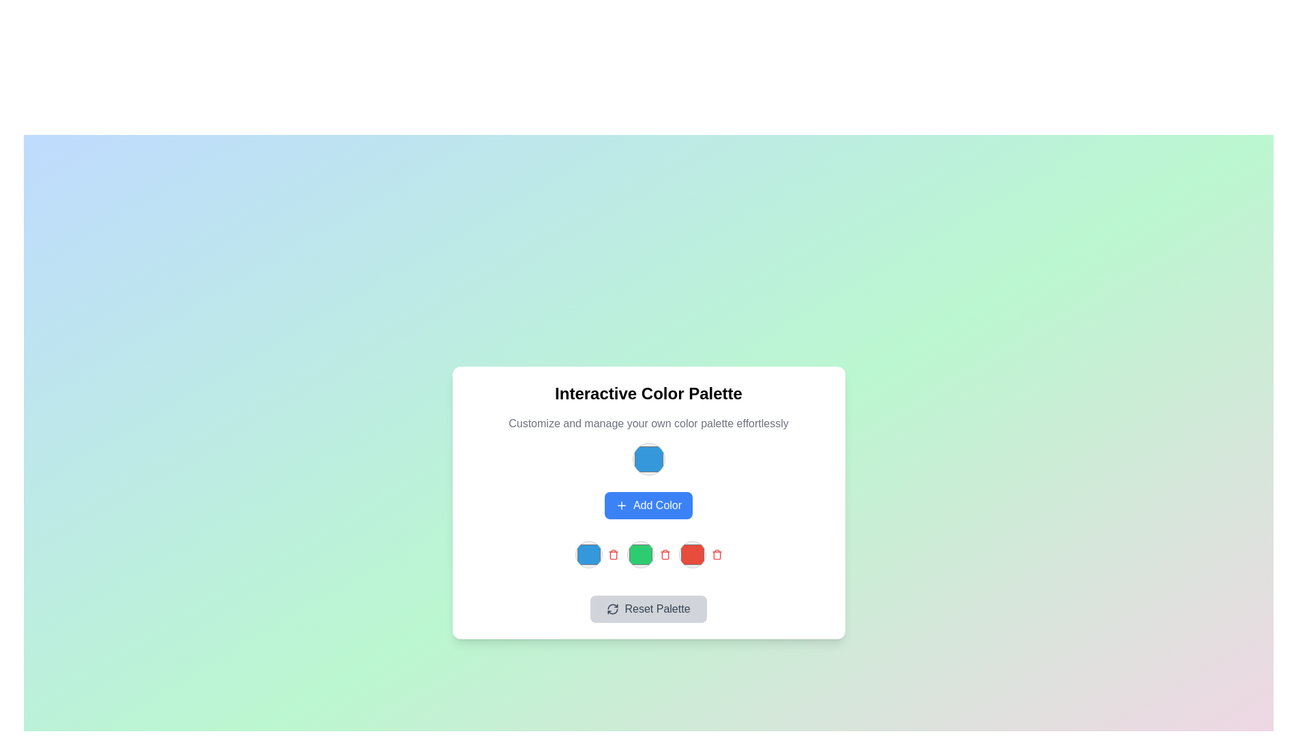 The image size is (1309, 736). Describe the element at coordinates (648, 505) in the screenshot. I see `the rectangular 'Add Color' button with a blue background and white text located below the circular color display` at that location.